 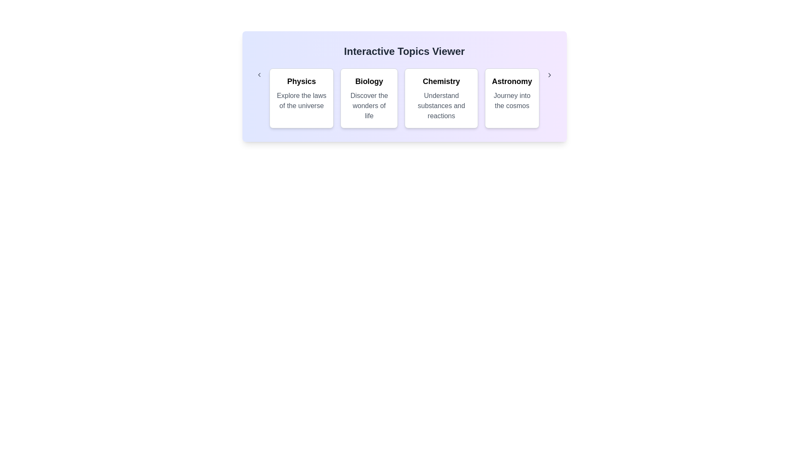 I want to click on the category Astronomy to observe the hover effect, so click(x=511, y=98).